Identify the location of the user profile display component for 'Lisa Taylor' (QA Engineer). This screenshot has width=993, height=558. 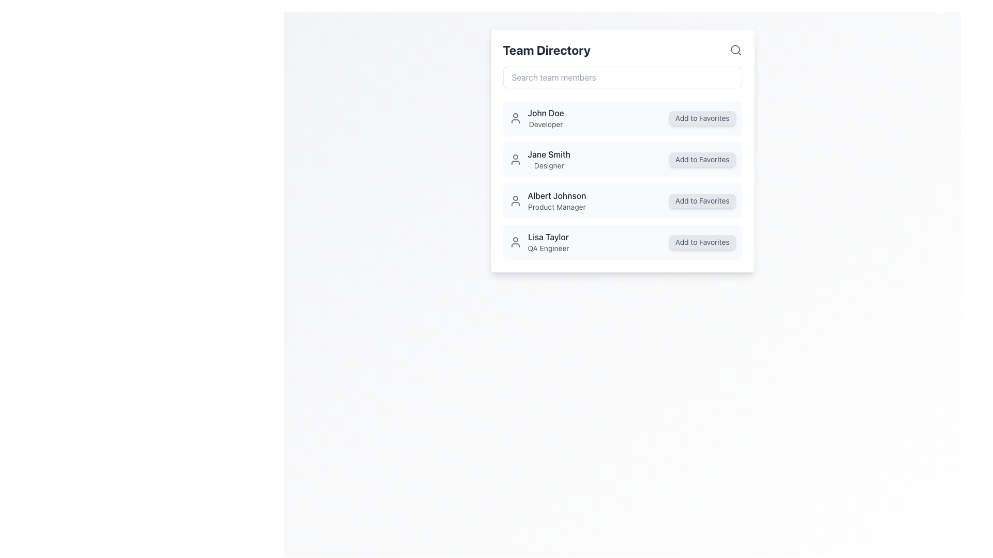
(538, 242).